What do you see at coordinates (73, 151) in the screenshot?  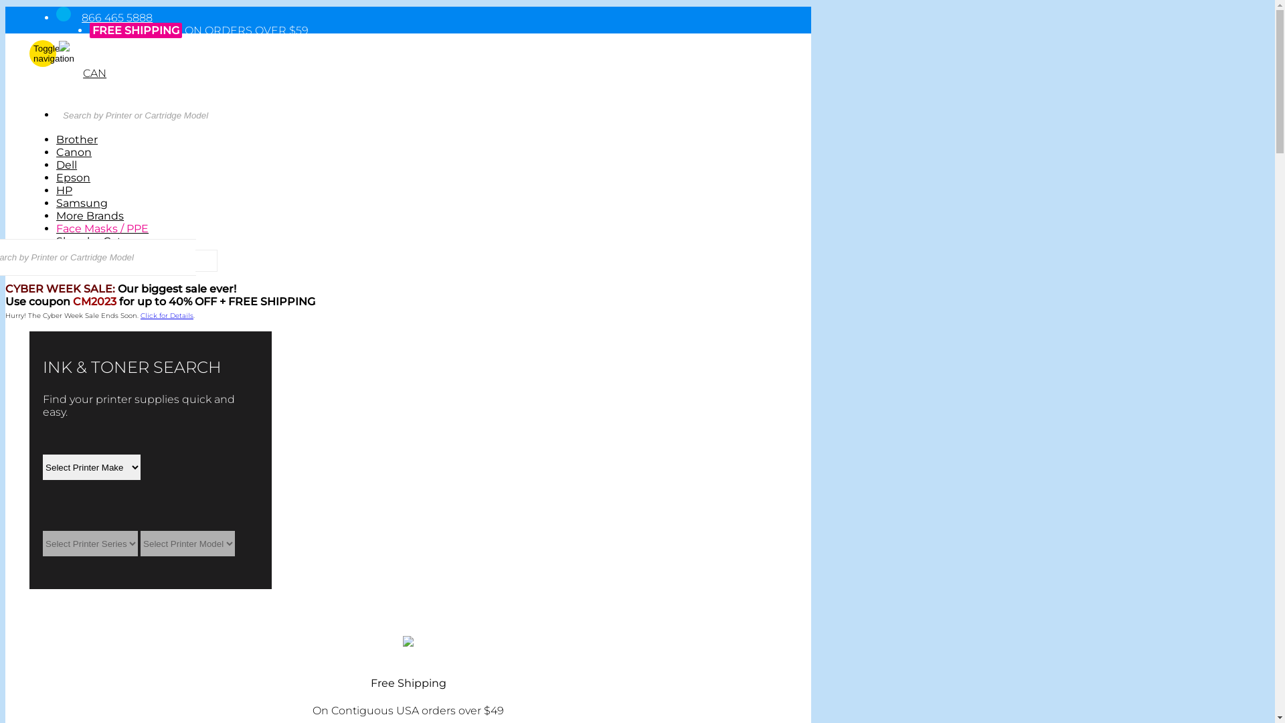 I see `'Canon'` at bounding box center [73, 151].